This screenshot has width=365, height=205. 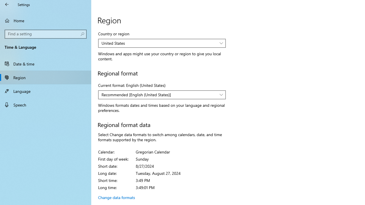 What do you see at coordinates (46, 104) in the screenshot?
I see `'Speech'` at bounding box center [46, 104].